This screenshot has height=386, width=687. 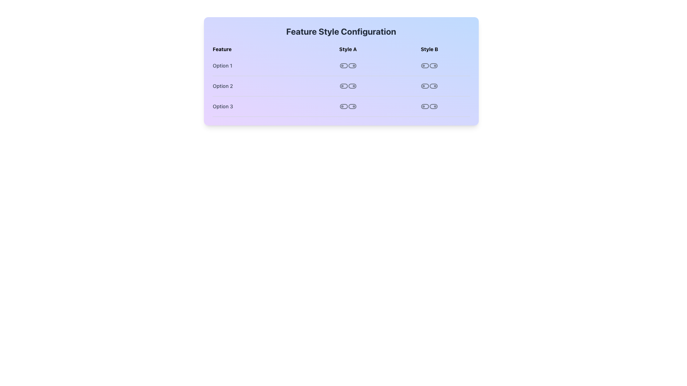 What do you see at coordinates (341, 106) in the screenshot?
I see `the toggle switches in the row labeled 'Option 3' in the table` at bounding box center [341, 106].